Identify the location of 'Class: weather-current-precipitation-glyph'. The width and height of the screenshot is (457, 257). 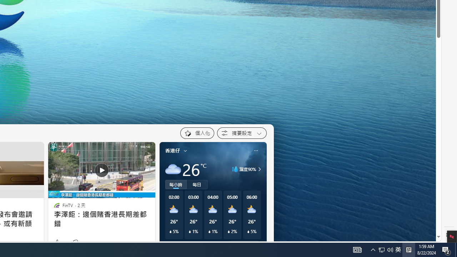
(248, 232).